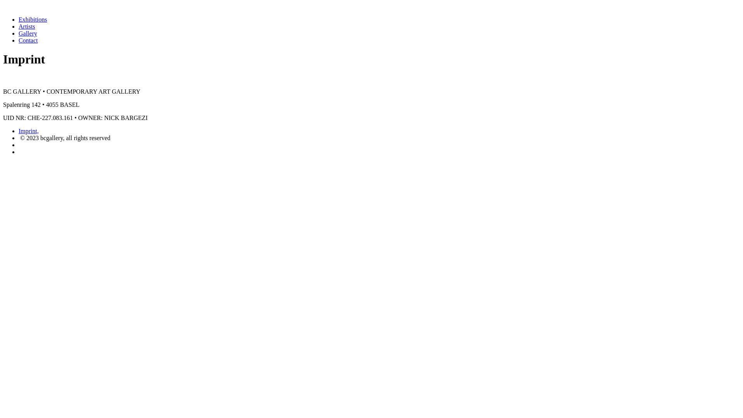 Image resolution: width=743 pixels, height=418 pixels. I want to click on 'Artists', so click(27, 26).